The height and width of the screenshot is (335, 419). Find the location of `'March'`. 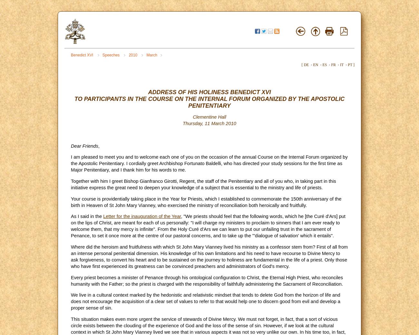

'March' is located at coordinates (151, 55).